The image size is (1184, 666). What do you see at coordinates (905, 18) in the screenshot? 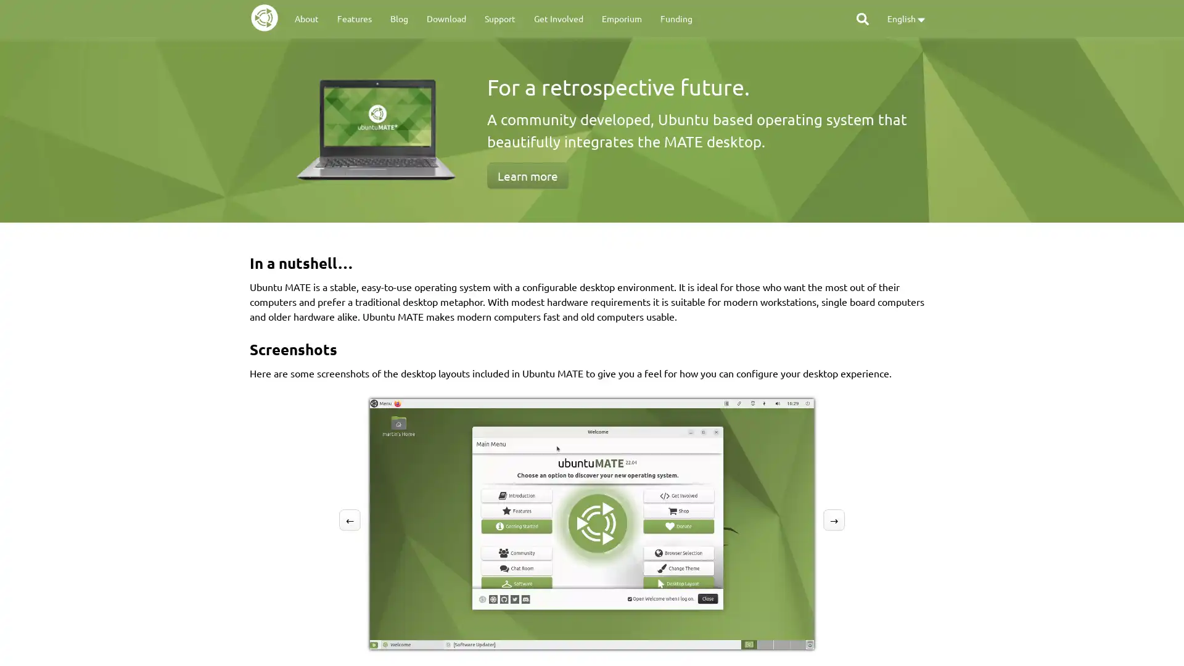
I see `English` at bounding box center [905, 18].